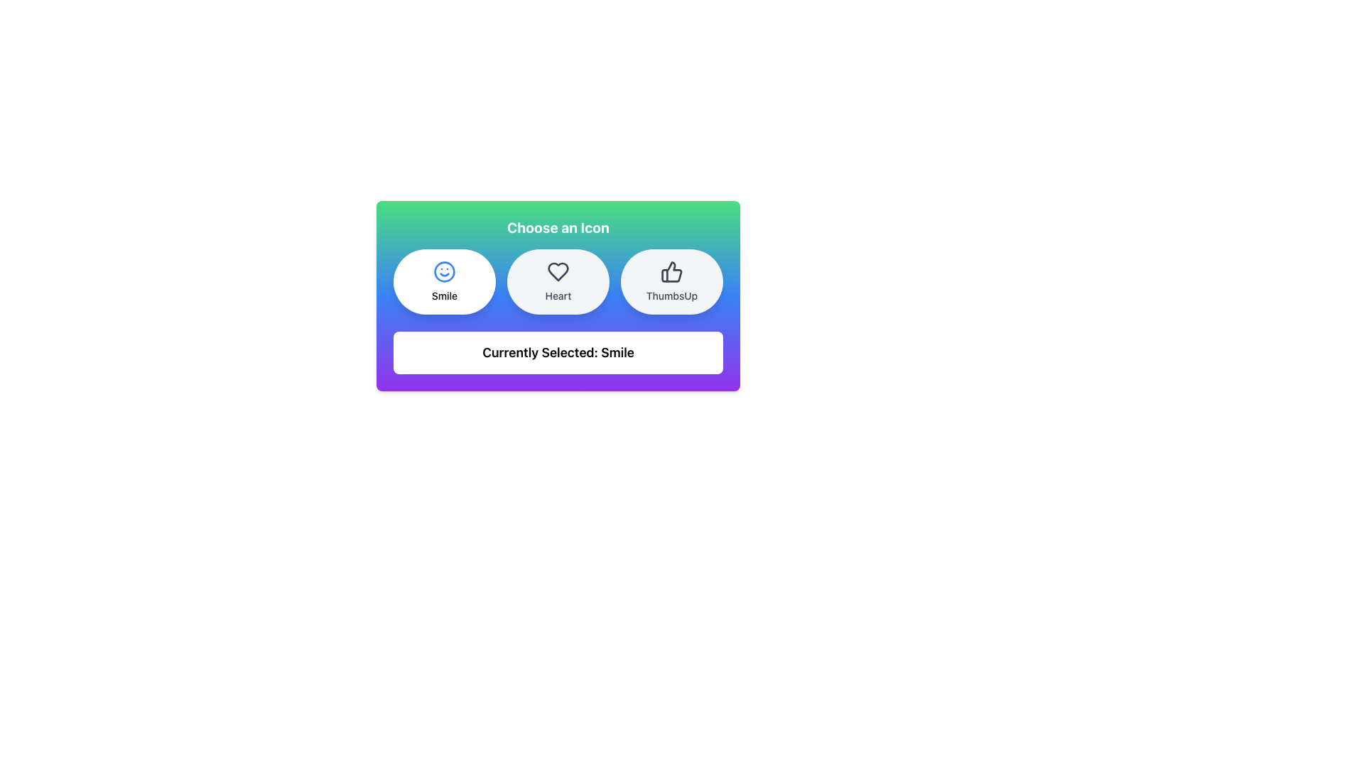 The width and height of the screenshot is (1364, 767). What do you see at coordinates (558, 282) in the screenshot?
I see `the middle button with a heart-shaped icon` at bounding box center [558, 282].